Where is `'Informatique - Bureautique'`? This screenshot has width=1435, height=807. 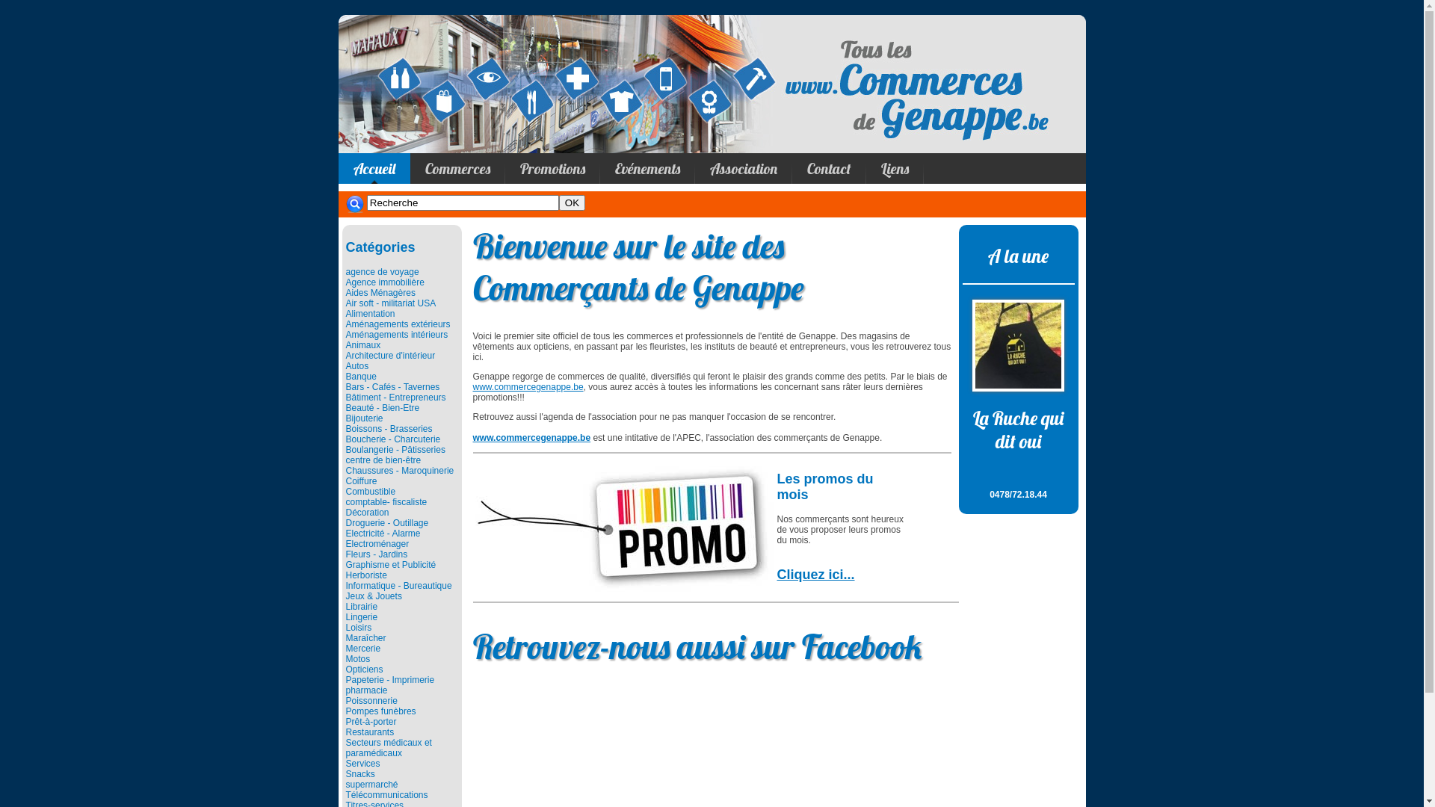 'Informatique - Bureautique' is located at coordinates (344, 584).